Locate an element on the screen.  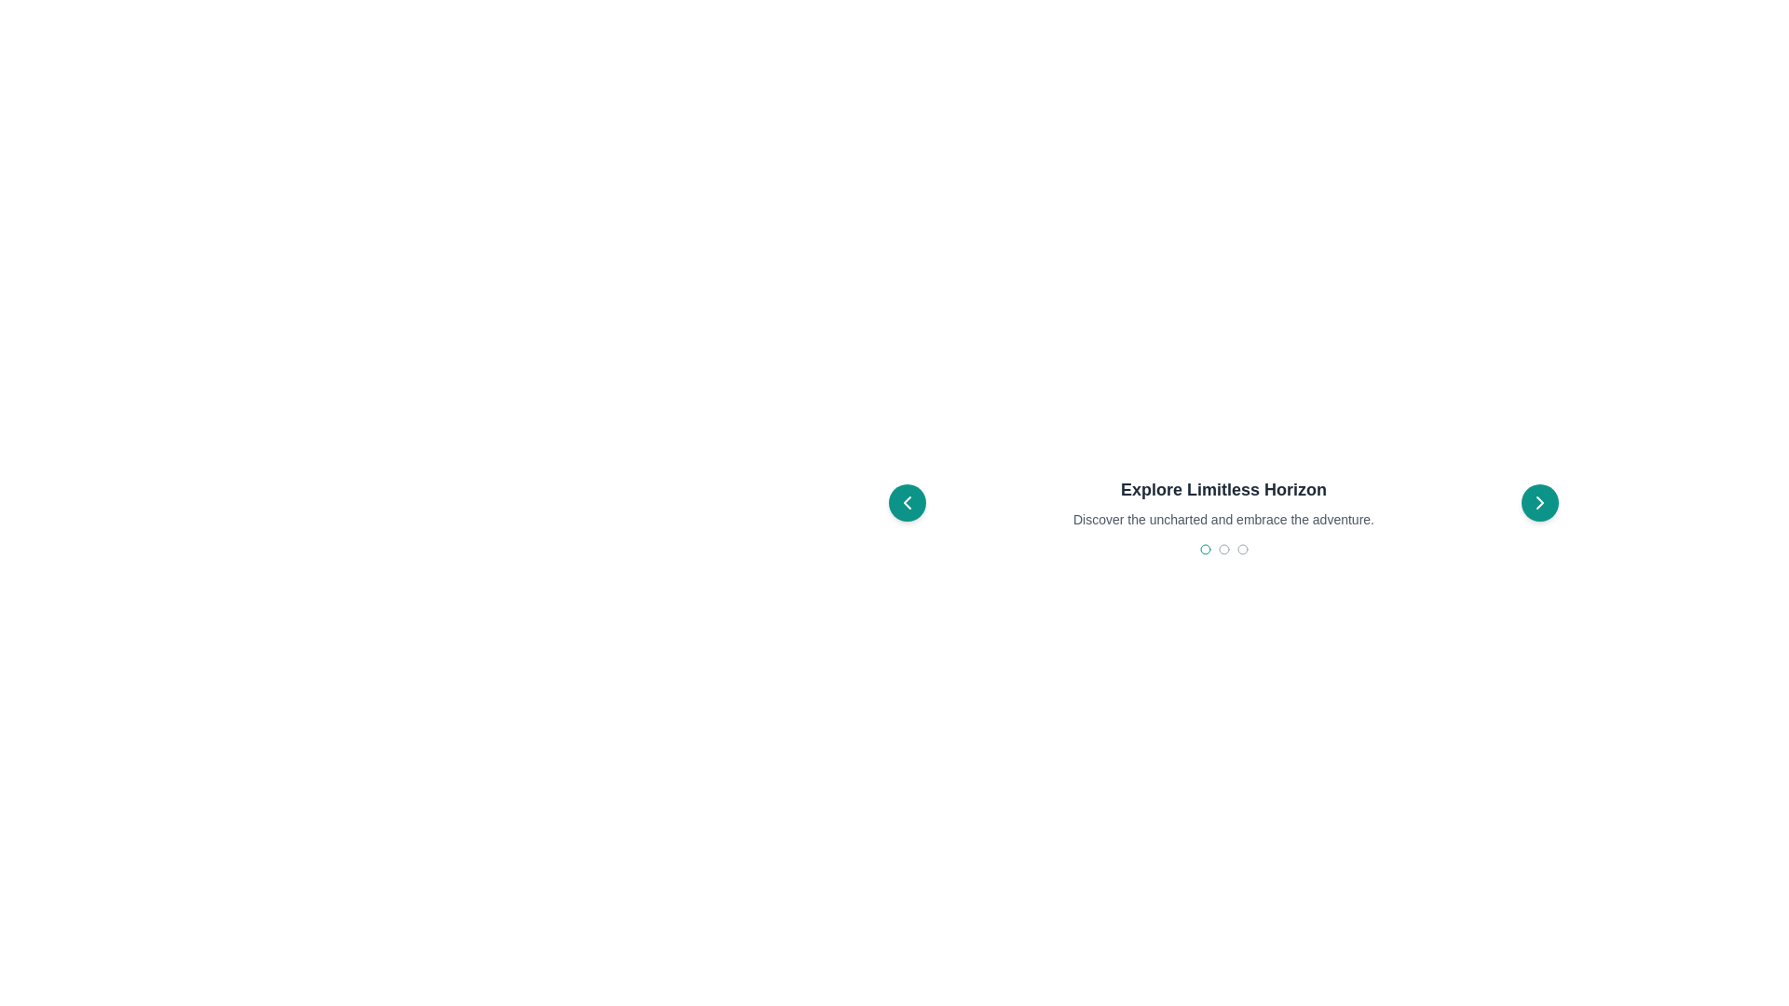
the third interactive navigation dot, a small gray circular icon is located at coordinates (1242, 549).